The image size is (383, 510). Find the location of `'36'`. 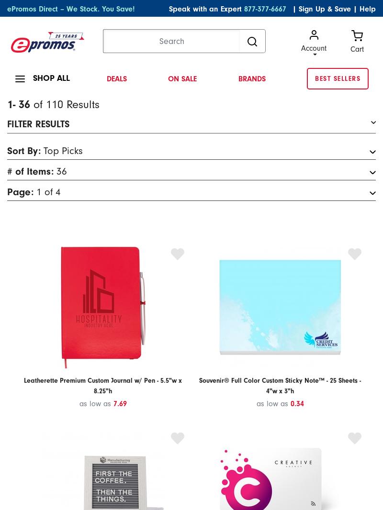

'36' is located at coordinates (61, 171).